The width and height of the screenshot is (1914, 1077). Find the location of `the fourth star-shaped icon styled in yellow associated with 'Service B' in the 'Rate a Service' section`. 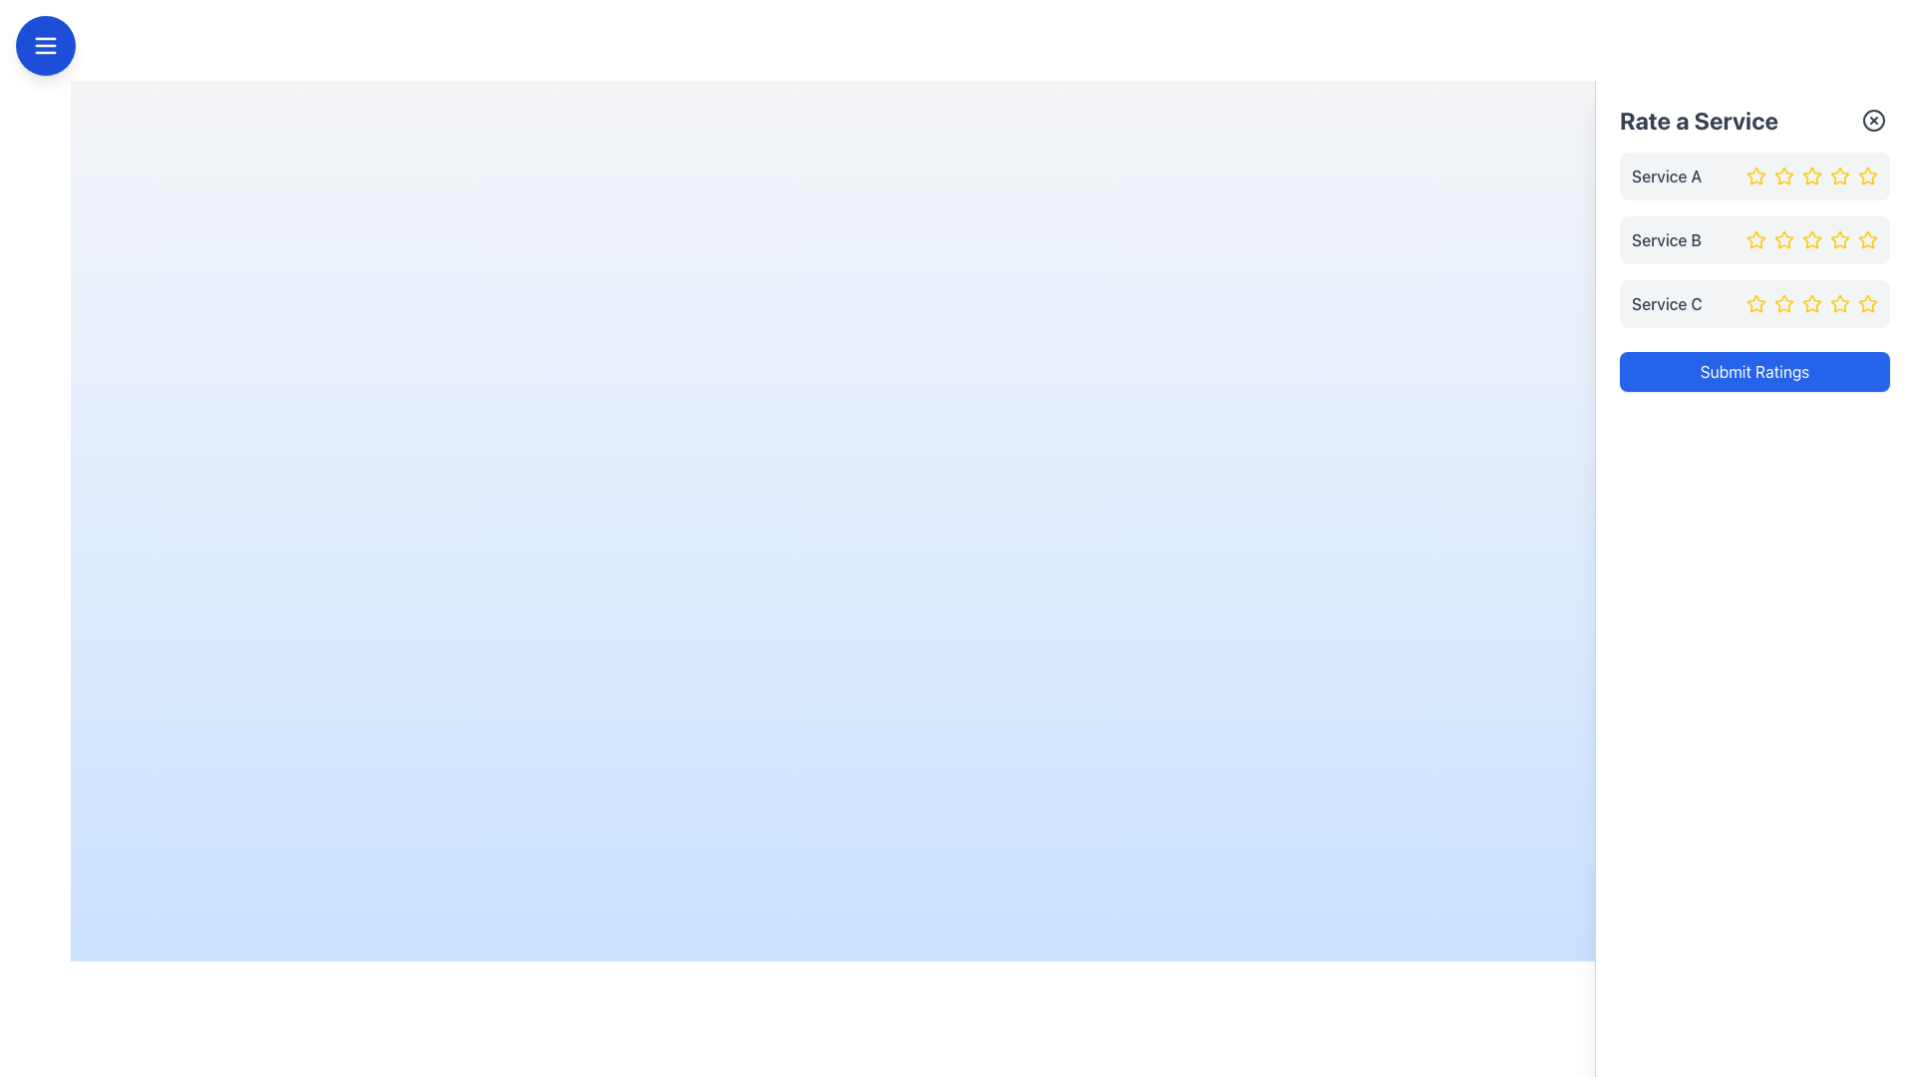

the fourth star-shaped icon styled in yellow associated with 'Service B' in the 'Rate a Service' section is located at coordinates (1812, 238).